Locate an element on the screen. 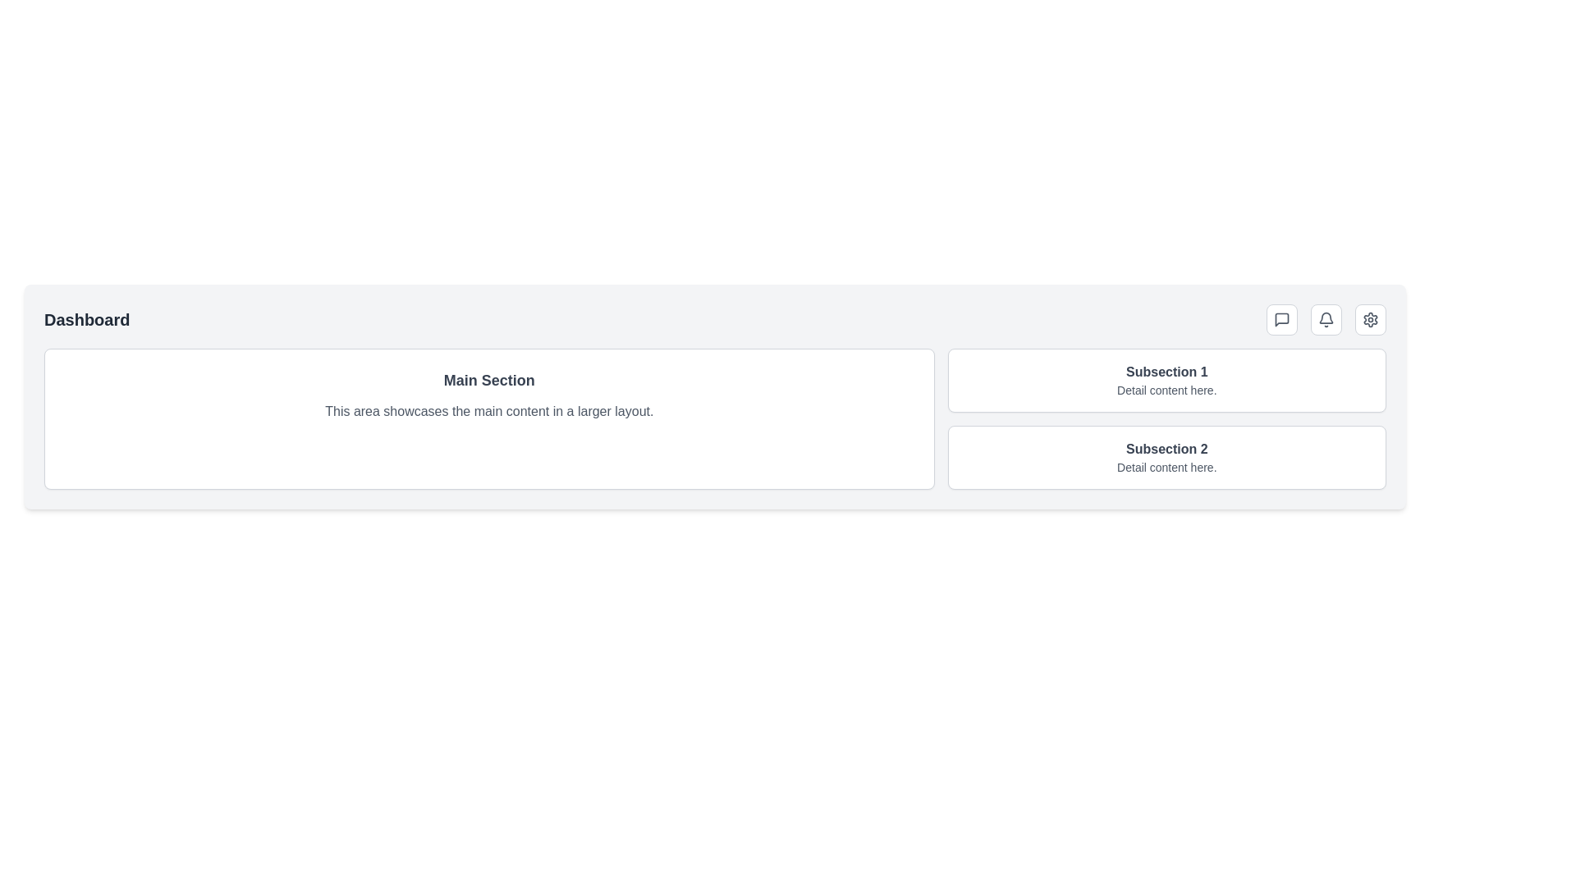  the bell icon located at the top-right of the interface is located at coordinates (1326, 319).